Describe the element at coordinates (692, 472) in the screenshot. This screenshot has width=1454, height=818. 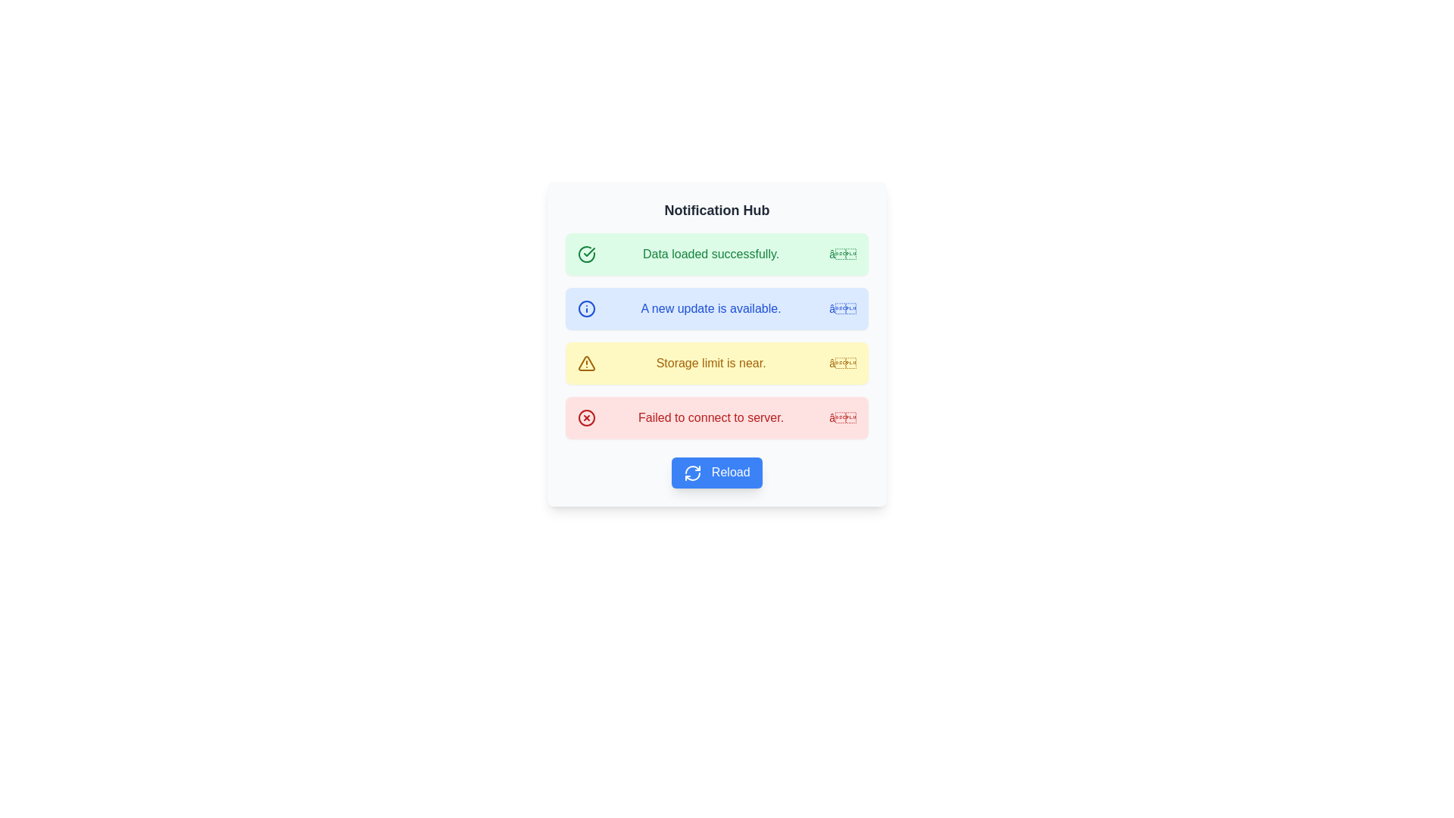
I see `the circular icon with dual arrows forming a cycle, located to the left of the text 'Reload'` at that location.